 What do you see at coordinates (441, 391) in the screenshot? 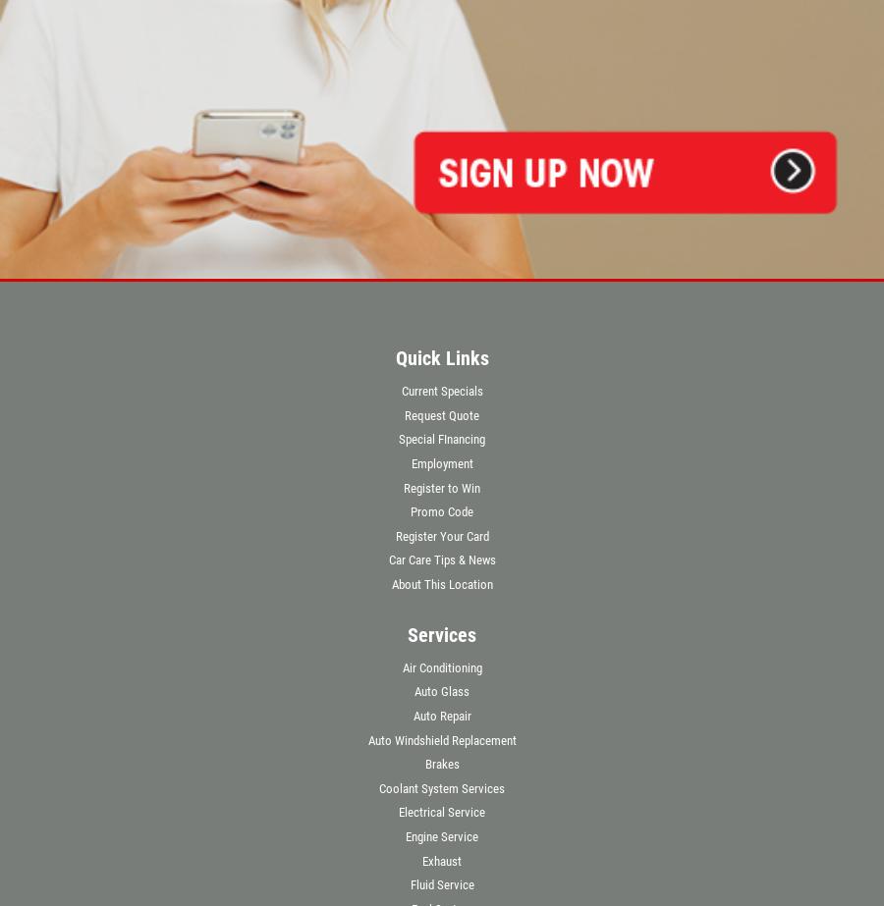
I see `'Current Specials'` at bounding box center [441, 391].